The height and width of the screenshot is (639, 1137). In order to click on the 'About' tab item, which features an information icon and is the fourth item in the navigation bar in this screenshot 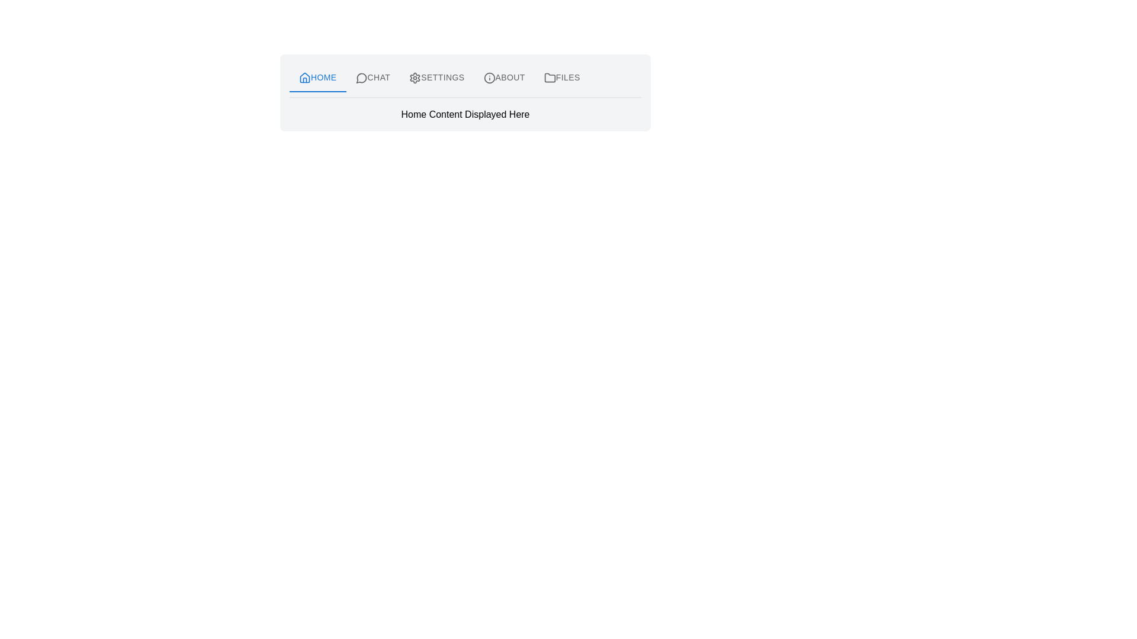, I will do `click(504, 78)`.